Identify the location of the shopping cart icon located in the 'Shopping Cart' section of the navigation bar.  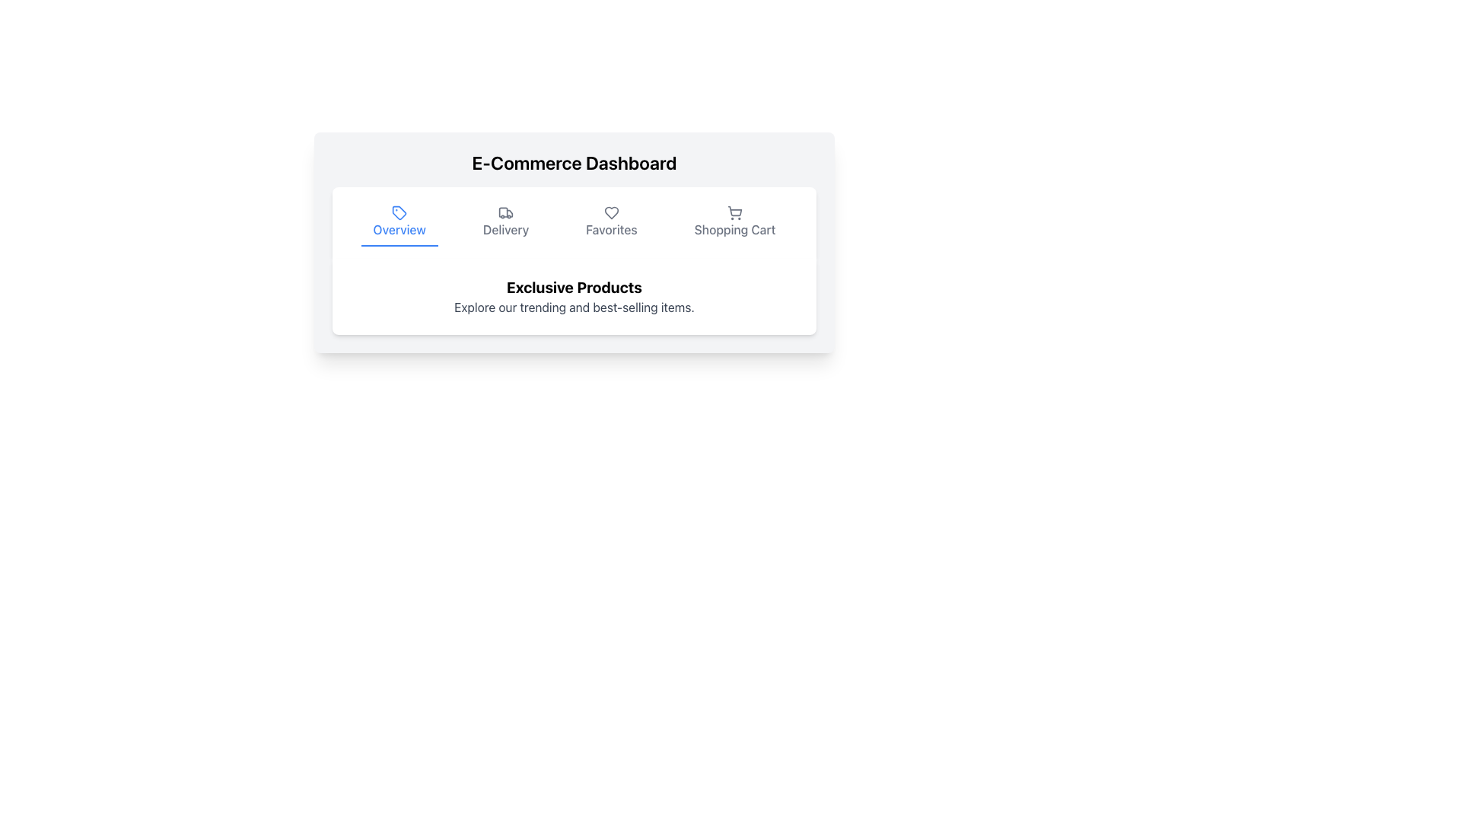
(734, 213).